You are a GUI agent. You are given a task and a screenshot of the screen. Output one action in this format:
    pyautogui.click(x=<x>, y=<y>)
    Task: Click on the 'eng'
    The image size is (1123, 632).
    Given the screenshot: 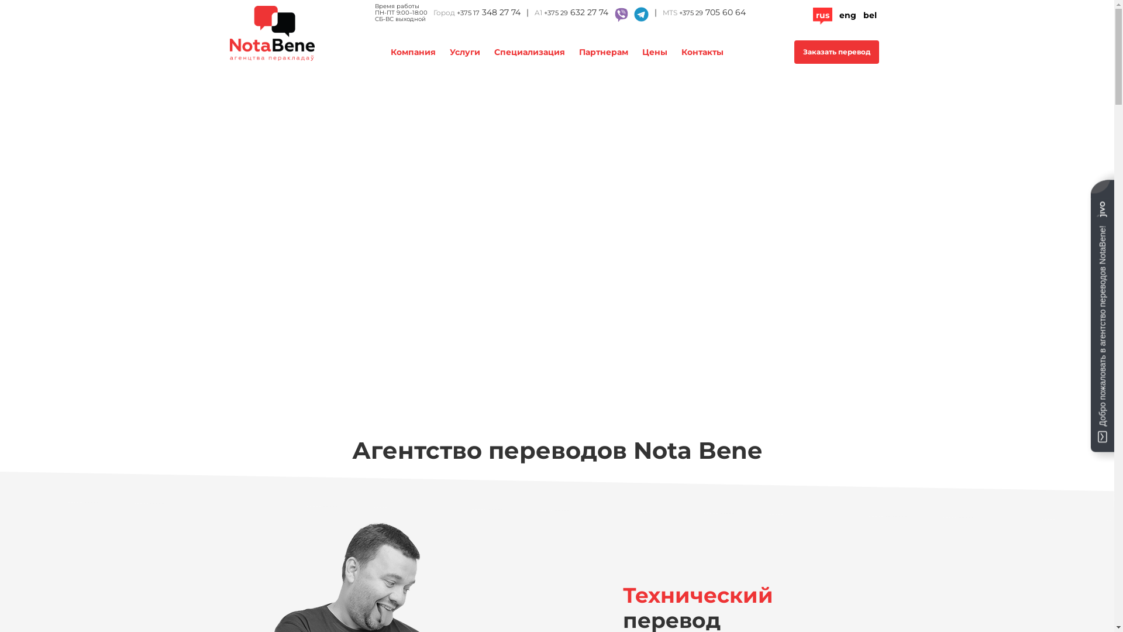 What is the action you would take?
    pyautogui.click(x=838, y=15)
    